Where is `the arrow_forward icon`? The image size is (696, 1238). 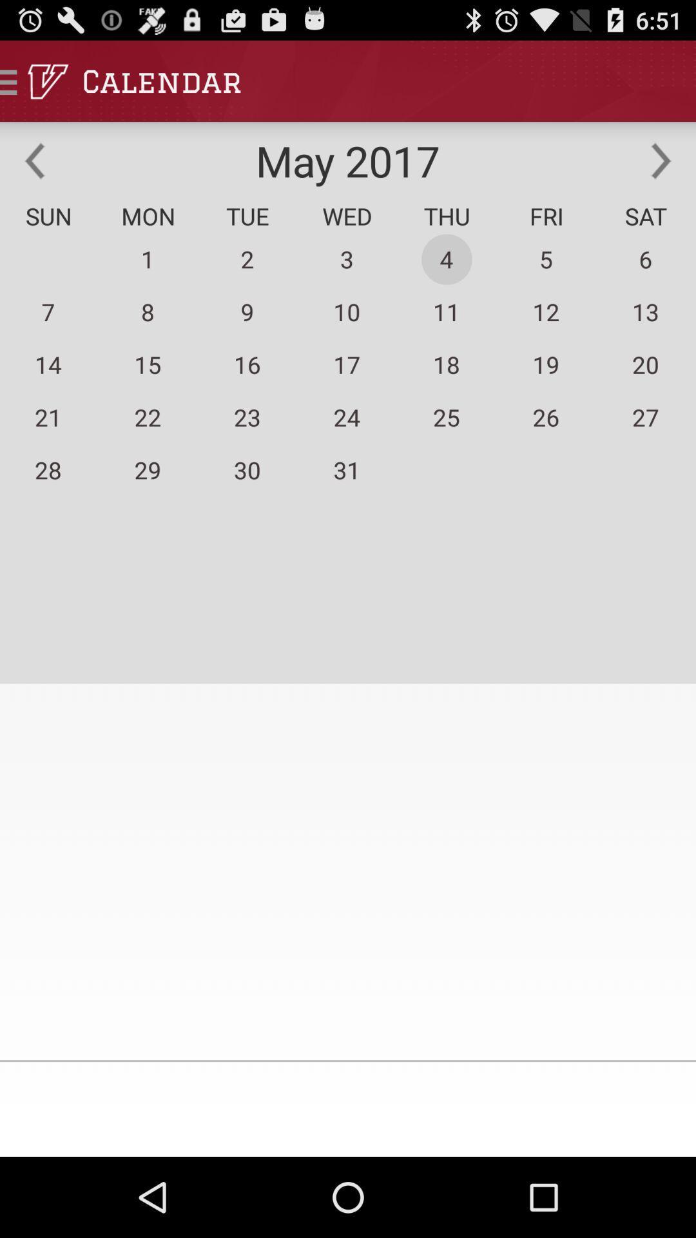 the arrow_forward icon is located at coordinates (661, 172).